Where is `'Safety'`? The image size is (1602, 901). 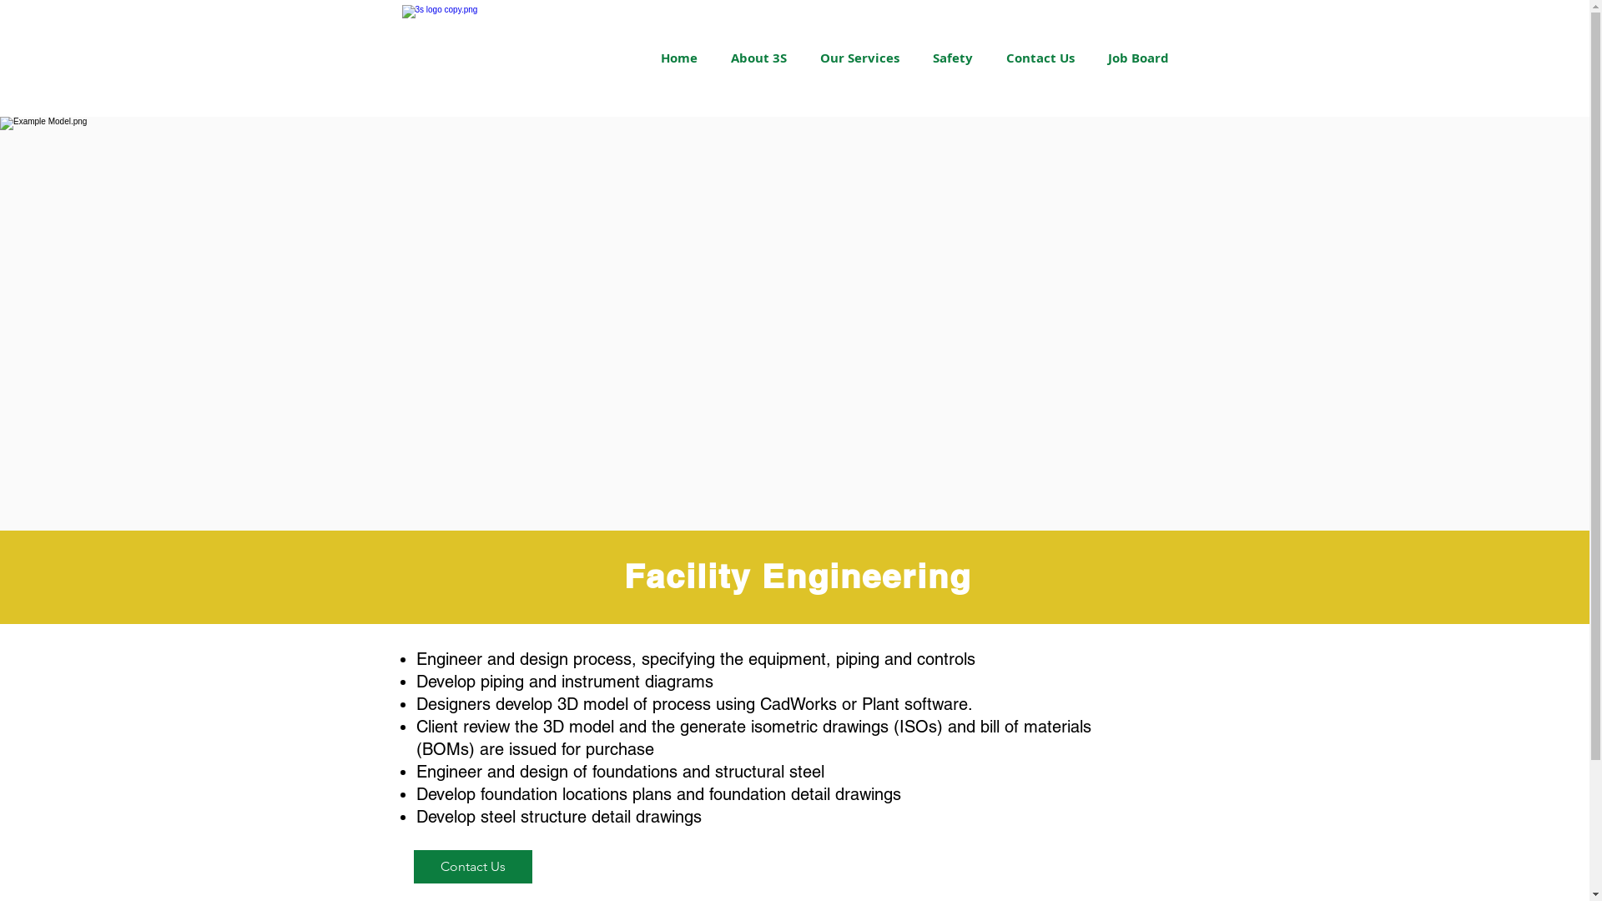
'Safety' is located at coordinates (953, 57).